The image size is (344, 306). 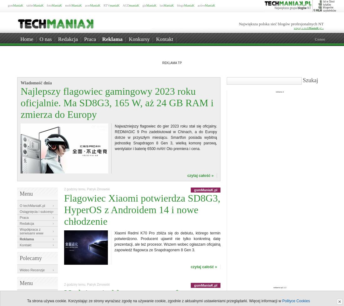 What do you see at coordinates (117, 103) in the screenshot?
I see `'Najlepszy flagowiec gamingowy 2023 roku oficjalnie. Ma SD8G3, 165 W, aż 24 GB RAM i zmierza do Europy'` at bounding box center [117, 103].